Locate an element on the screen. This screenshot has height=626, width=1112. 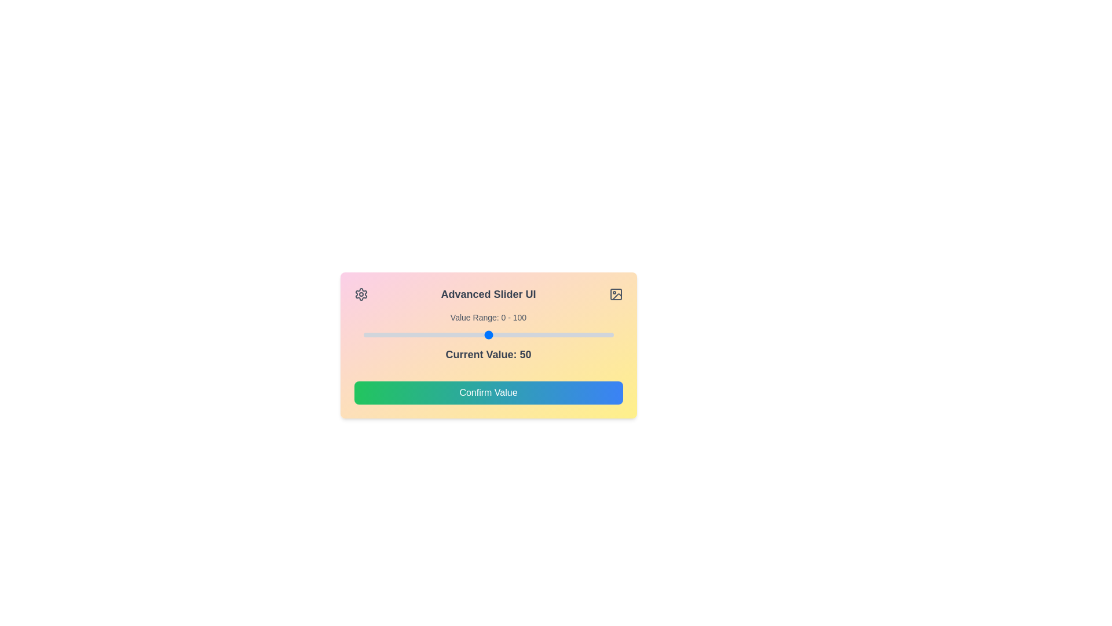
the slider to set the value to 84 is located at coordinates (573, 335).